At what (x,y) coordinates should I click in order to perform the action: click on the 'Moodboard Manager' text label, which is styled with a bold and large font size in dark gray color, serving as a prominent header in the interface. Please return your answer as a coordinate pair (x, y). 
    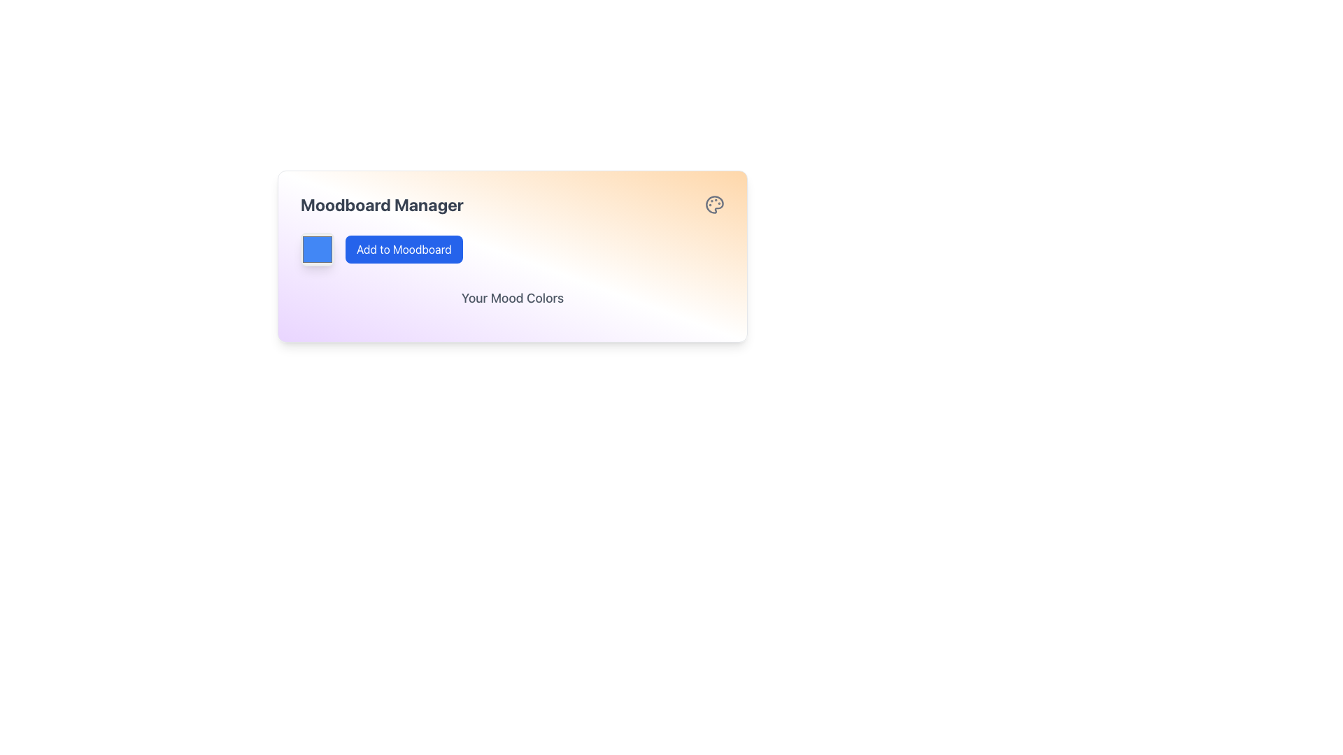
    Looking at the image, I should click on (382, 205).